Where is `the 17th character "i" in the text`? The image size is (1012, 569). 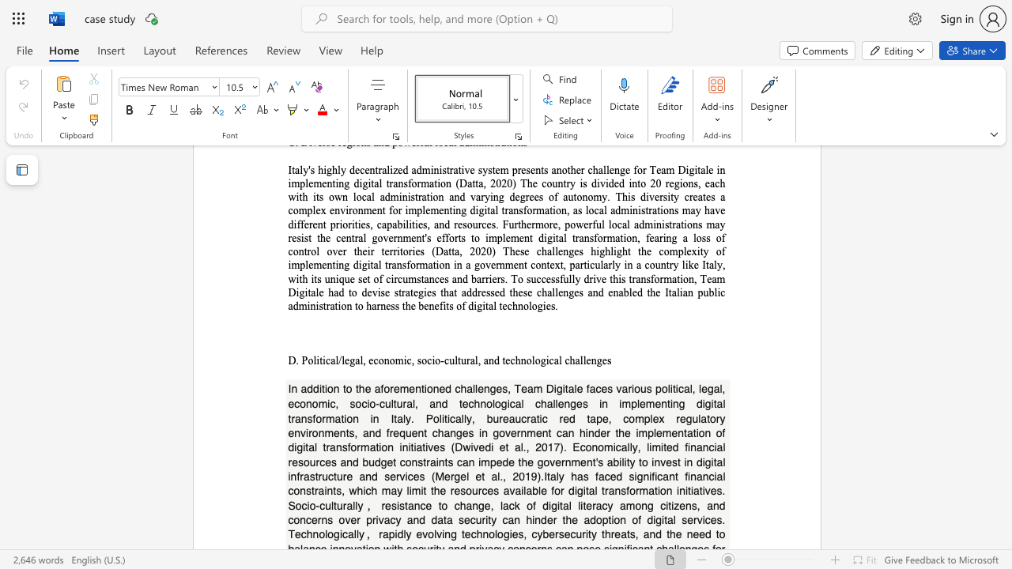
the 17th character "i" in the text is located at coordinates (686, 490).